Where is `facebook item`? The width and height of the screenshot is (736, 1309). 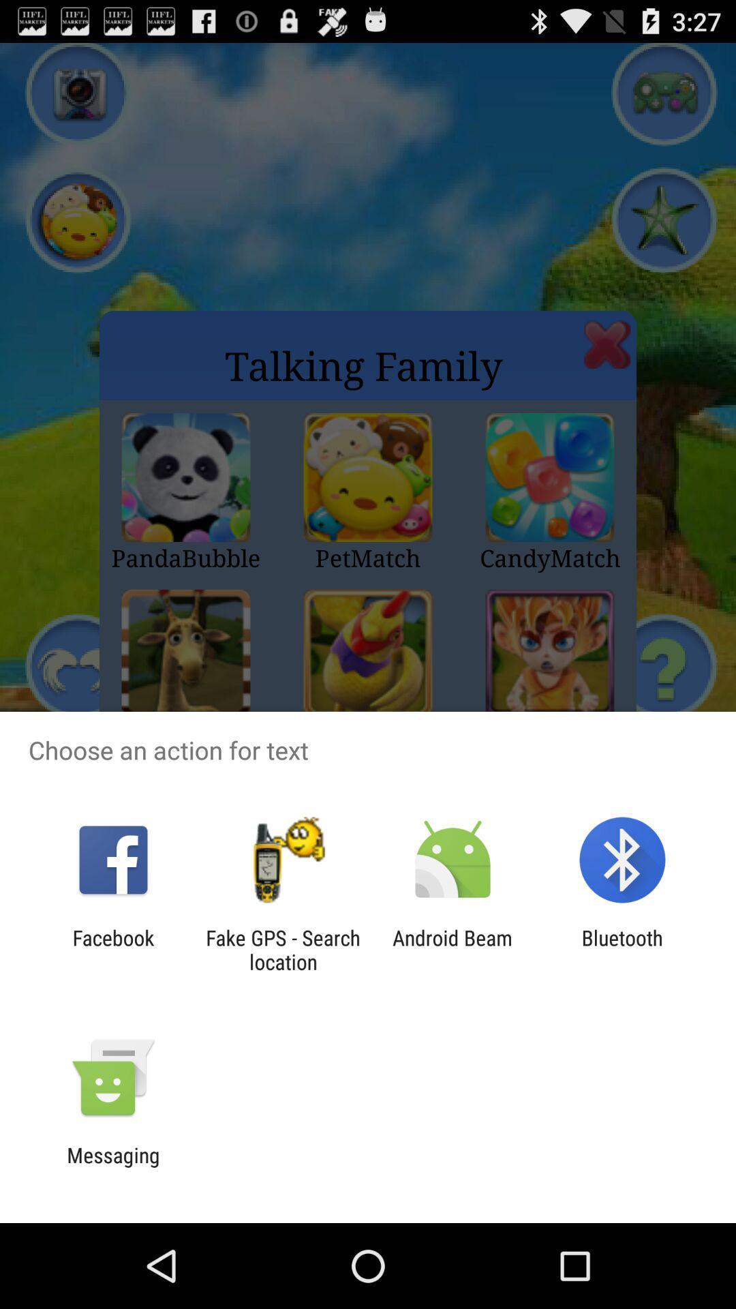
facebook item is located at coordinates (112, 949).